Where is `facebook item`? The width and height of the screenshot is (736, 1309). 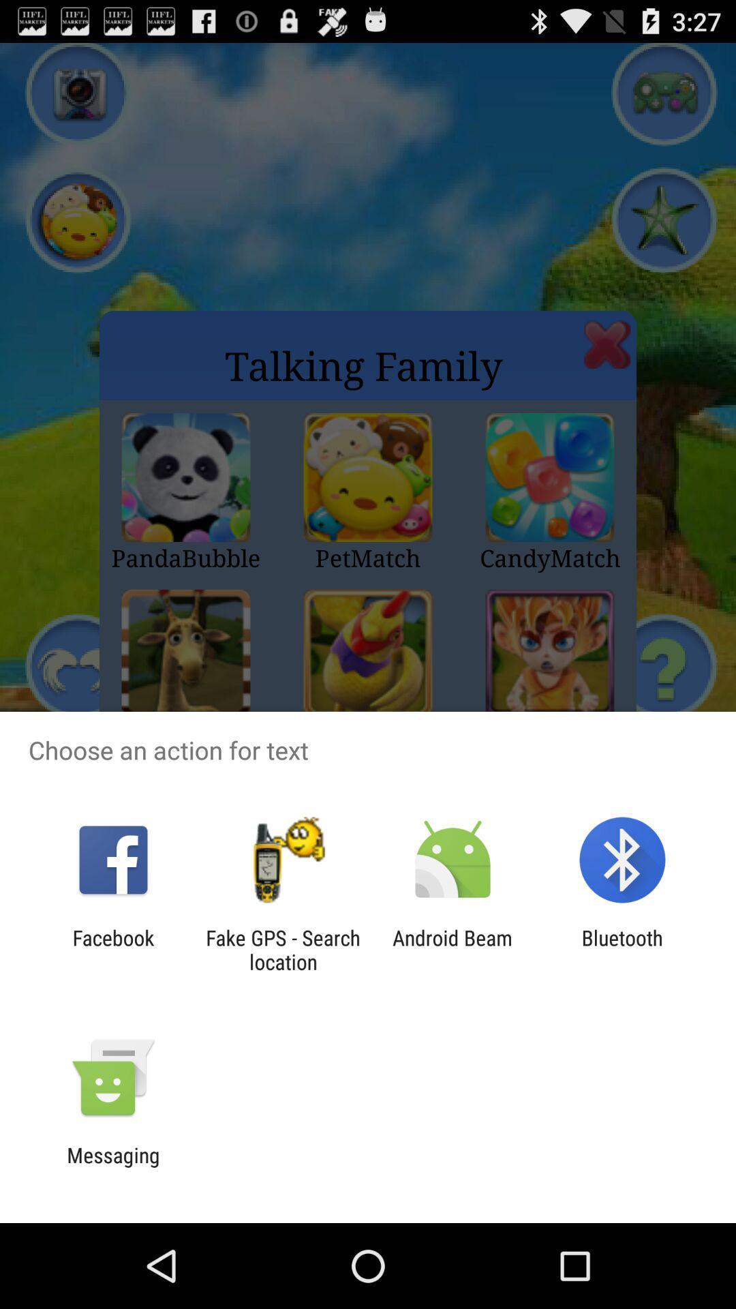
facebook item is located at coordinates (112, 949).